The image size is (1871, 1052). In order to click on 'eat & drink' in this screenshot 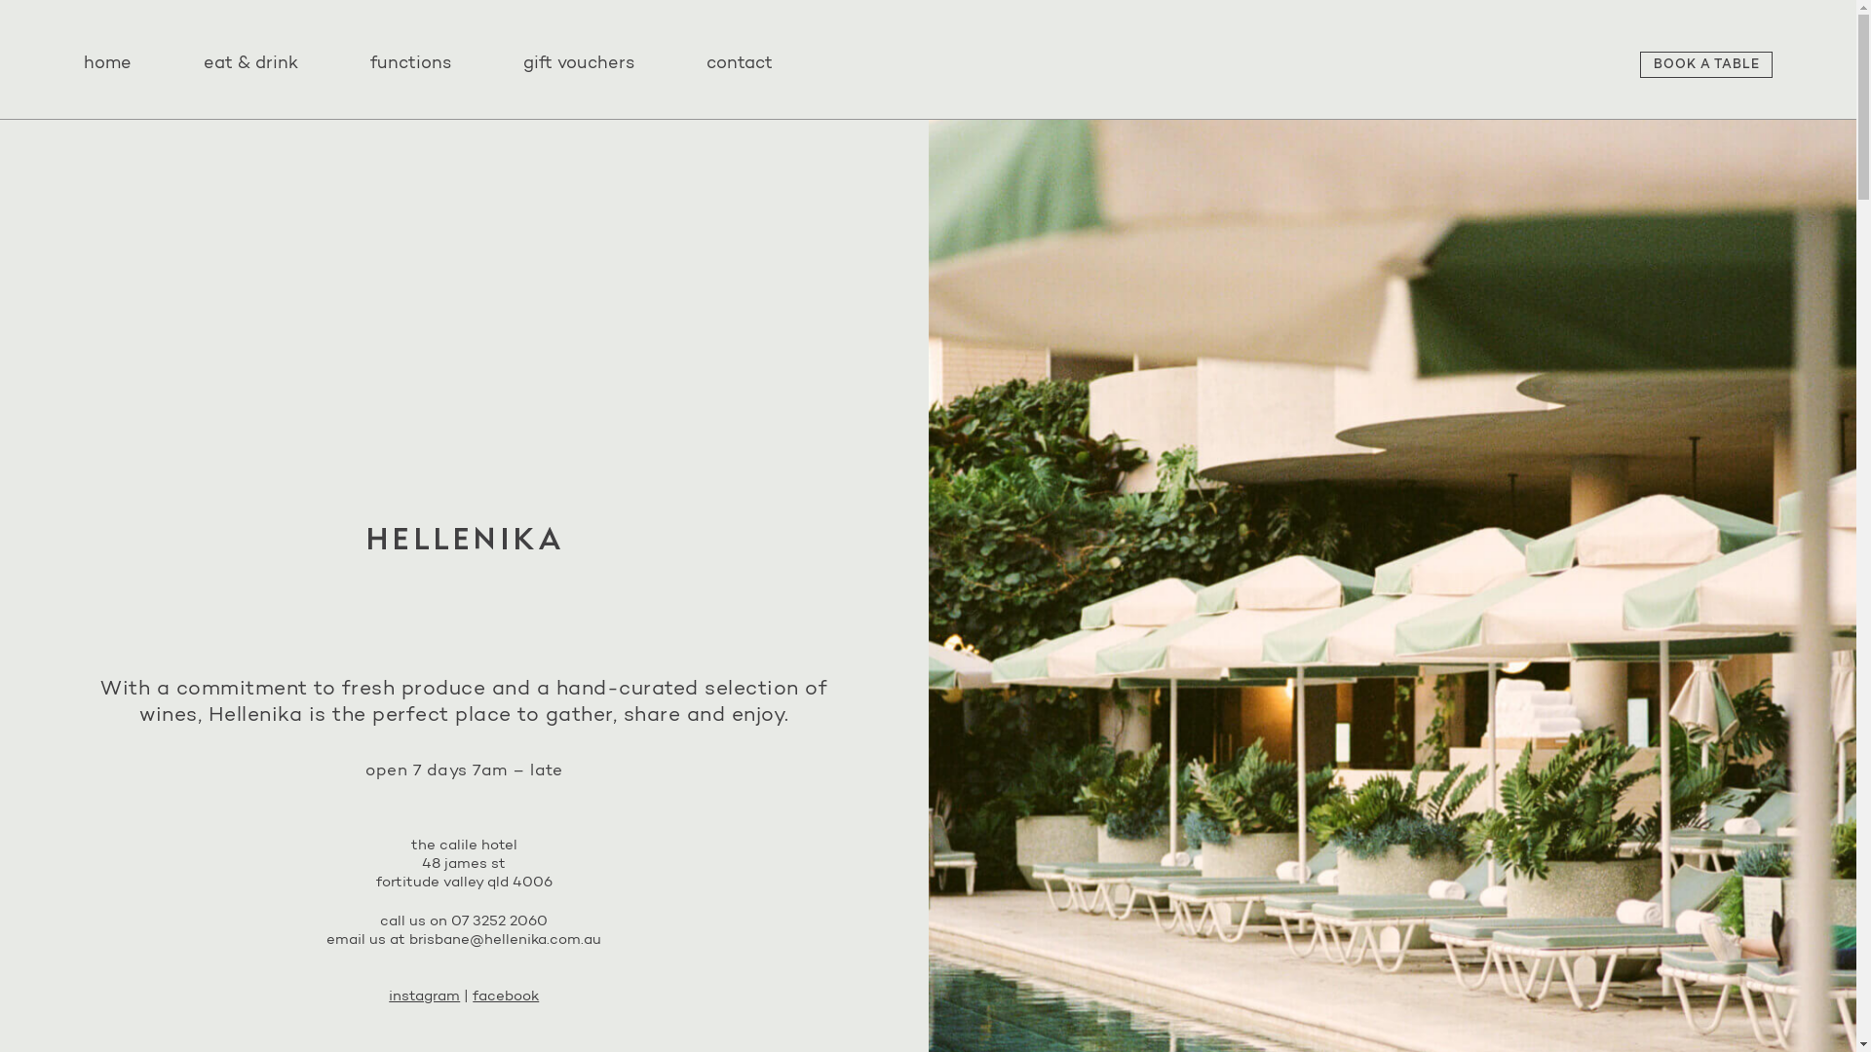, I will do `click(250, 63)`.